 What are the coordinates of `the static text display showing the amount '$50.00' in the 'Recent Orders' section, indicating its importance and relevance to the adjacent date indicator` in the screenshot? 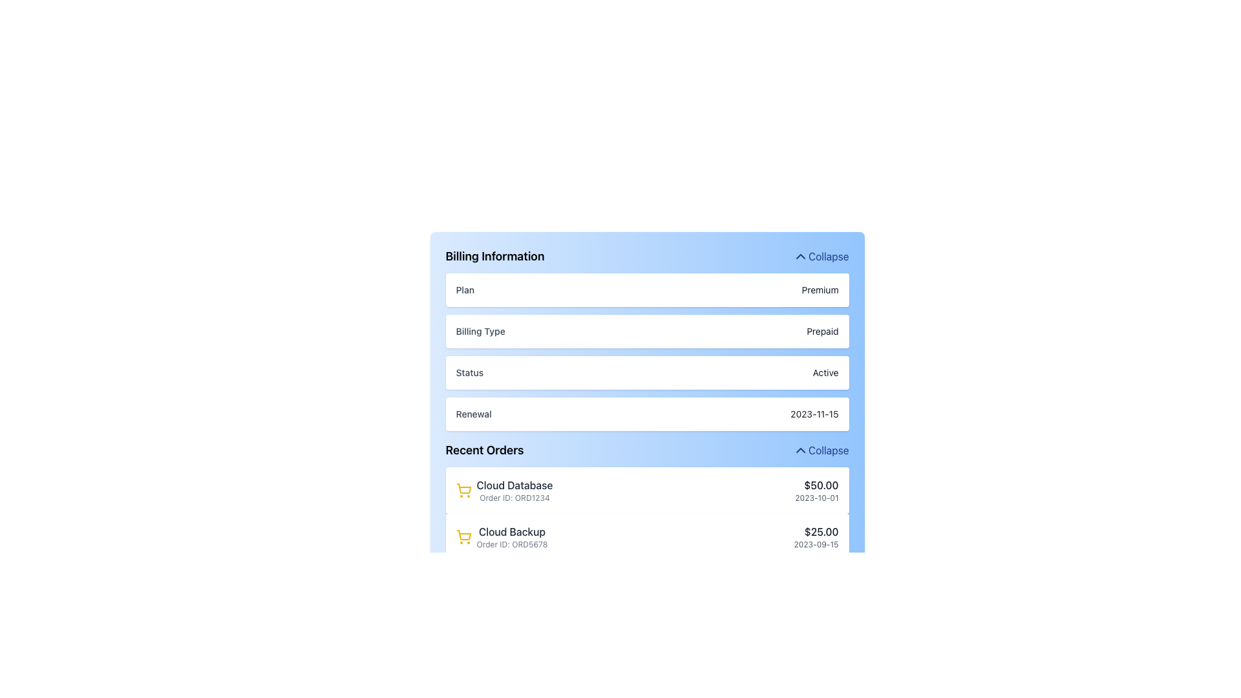 It's located at (816, 485).